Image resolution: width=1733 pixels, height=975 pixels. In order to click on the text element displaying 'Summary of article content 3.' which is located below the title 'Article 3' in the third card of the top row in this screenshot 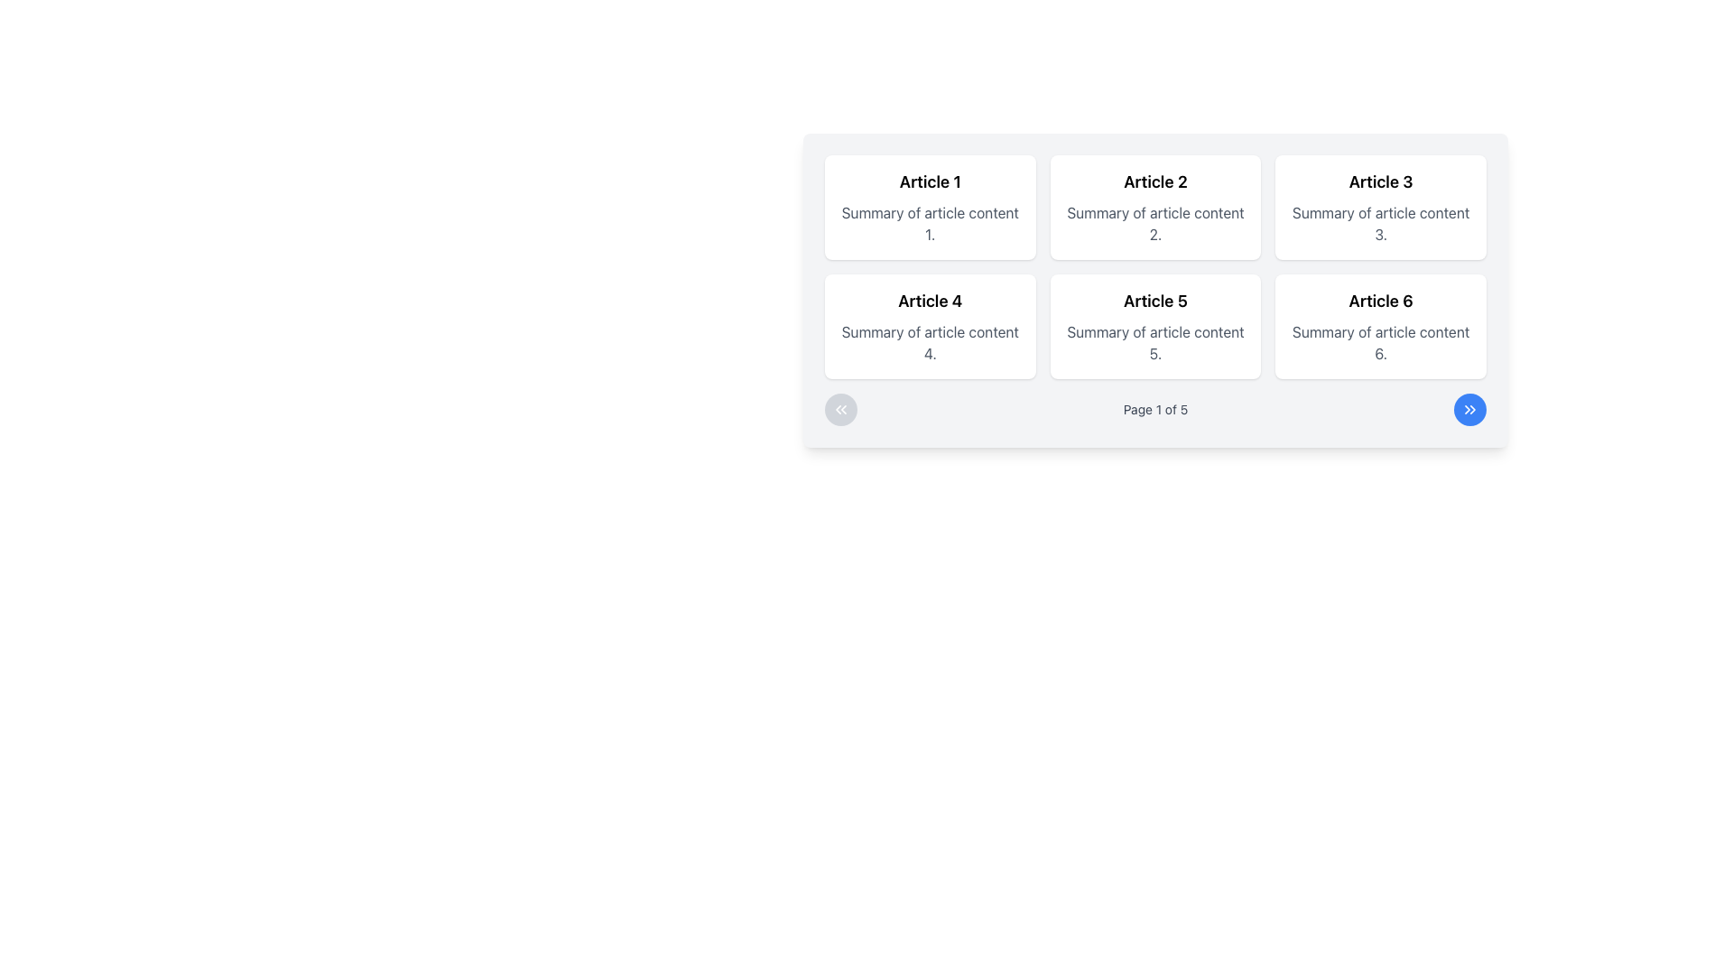, I will do `click(1380, 222)`.